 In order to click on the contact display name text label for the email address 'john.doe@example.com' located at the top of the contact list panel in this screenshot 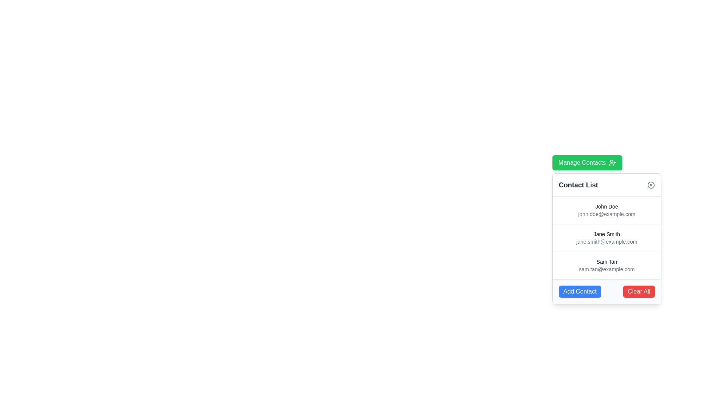, I will do `click(607, 207)`.